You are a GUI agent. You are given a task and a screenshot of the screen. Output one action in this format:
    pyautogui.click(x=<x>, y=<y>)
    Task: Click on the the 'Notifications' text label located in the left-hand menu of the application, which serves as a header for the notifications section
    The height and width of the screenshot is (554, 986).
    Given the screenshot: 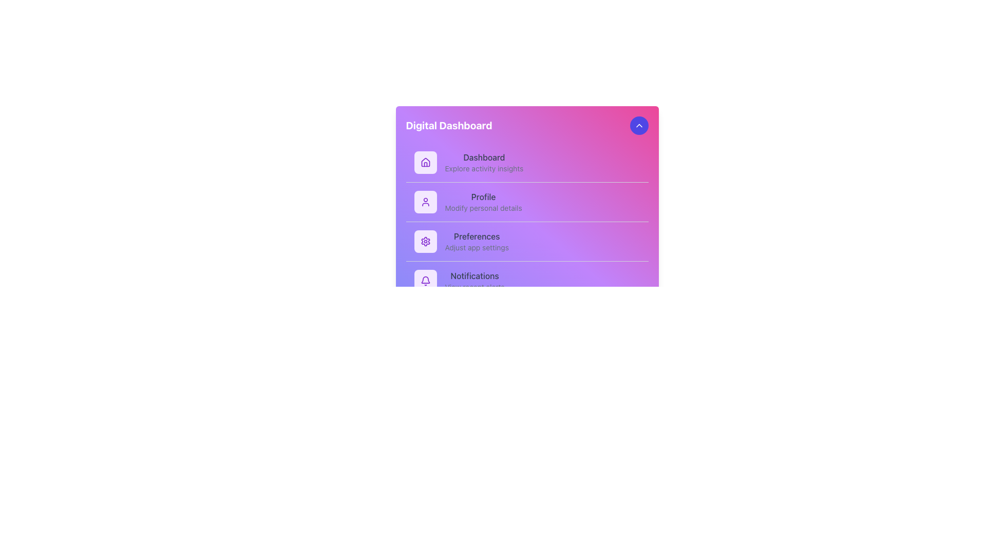 What is the action you would take?
    pyautogui.click(x=474, y=275)
    